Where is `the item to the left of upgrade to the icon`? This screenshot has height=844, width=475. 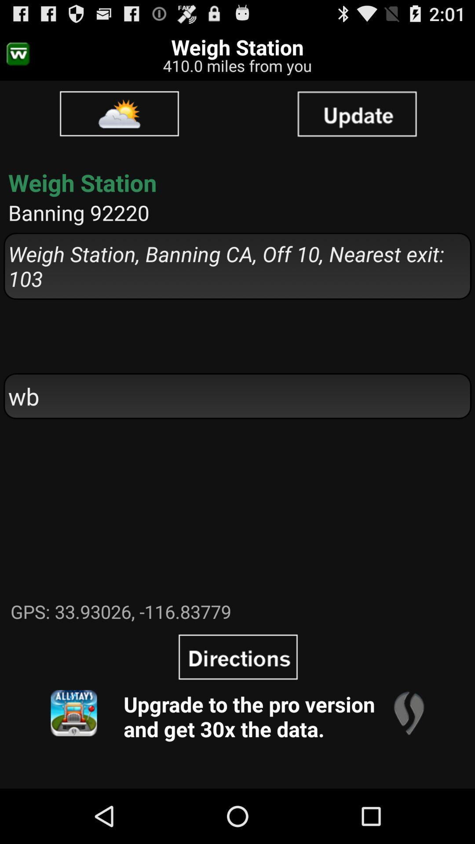
the item to the left of upgrade to the icon is located at coordinates (73, 713).